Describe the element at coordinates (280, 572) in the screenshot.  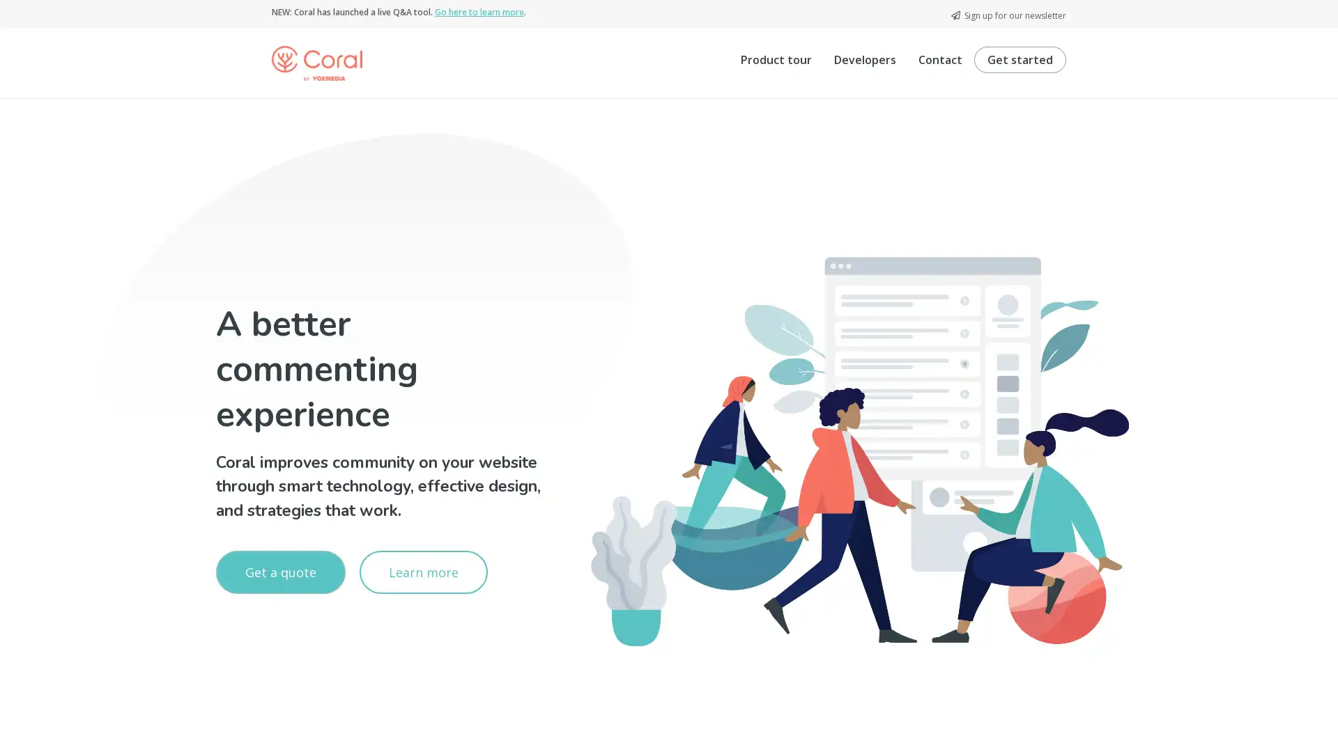
I see `Get a quote` at that location.